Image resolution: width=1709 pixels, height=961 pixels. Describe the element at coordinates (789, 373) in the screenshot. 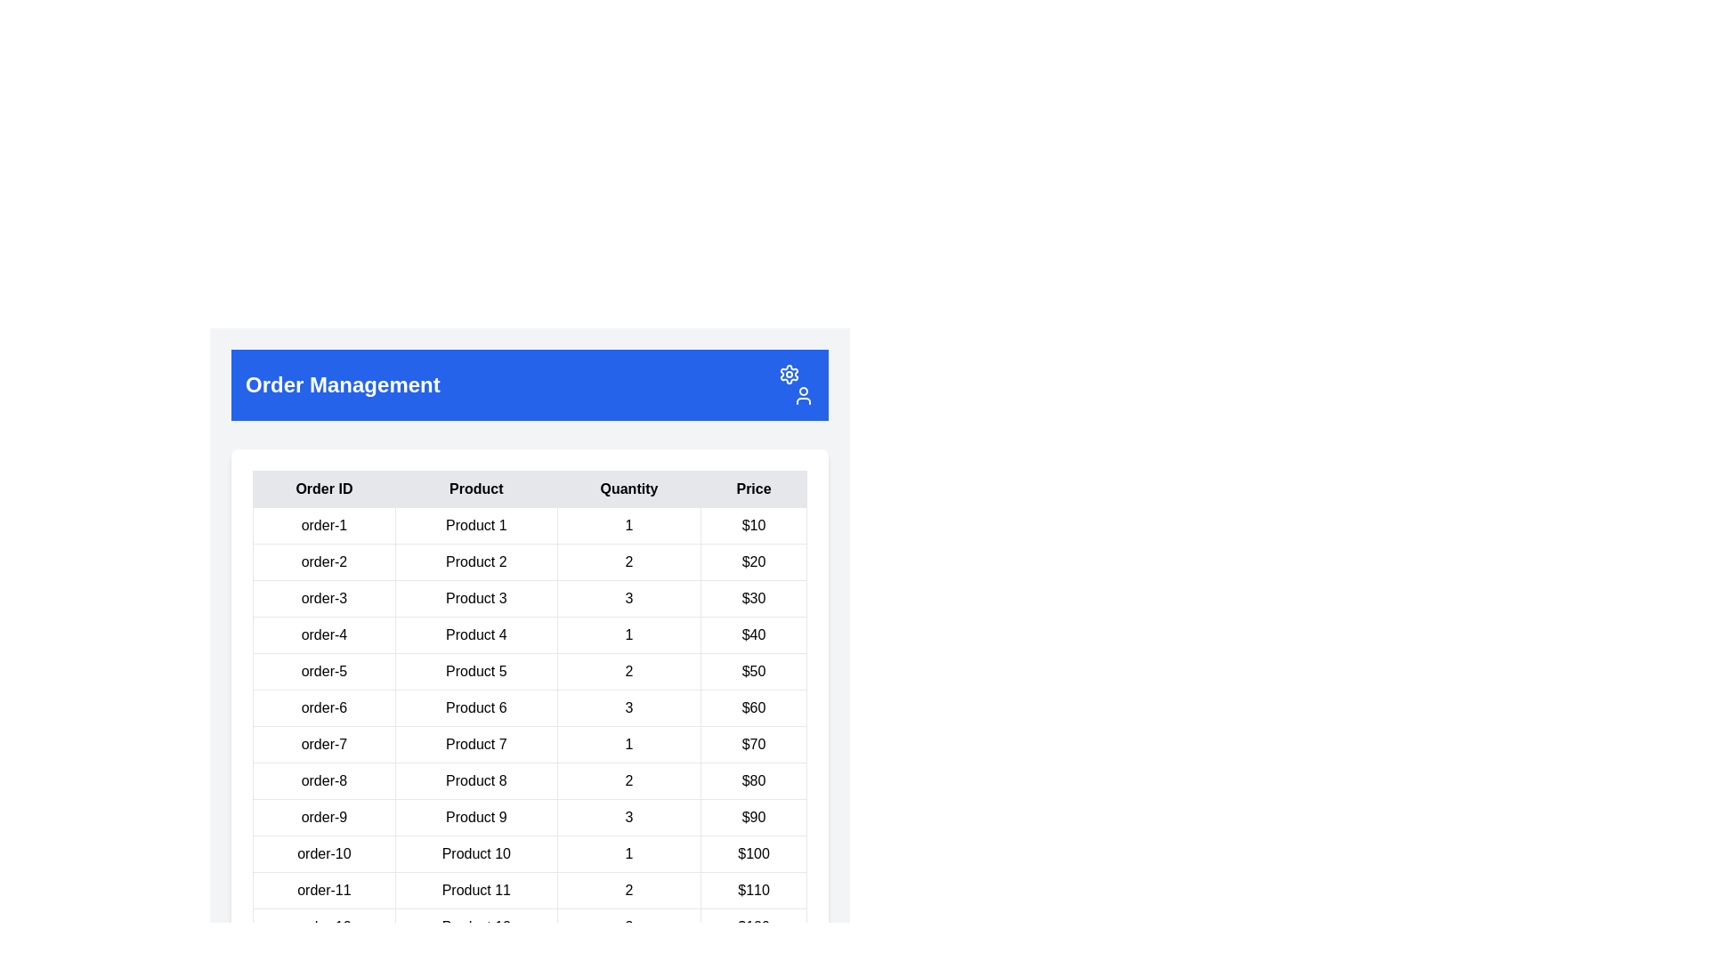

I see `the settings icon button located in the top-right corner of the blue header area, preceding the user icon` at that location.